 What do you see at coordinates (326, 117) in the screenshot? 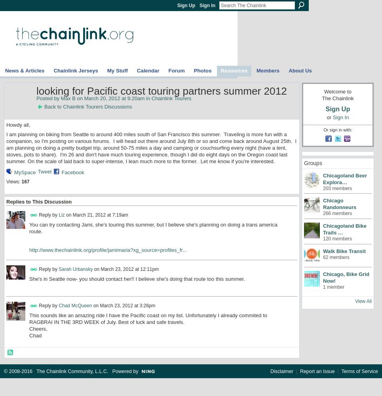
I see `'or'` at bounding box center [326, 117].